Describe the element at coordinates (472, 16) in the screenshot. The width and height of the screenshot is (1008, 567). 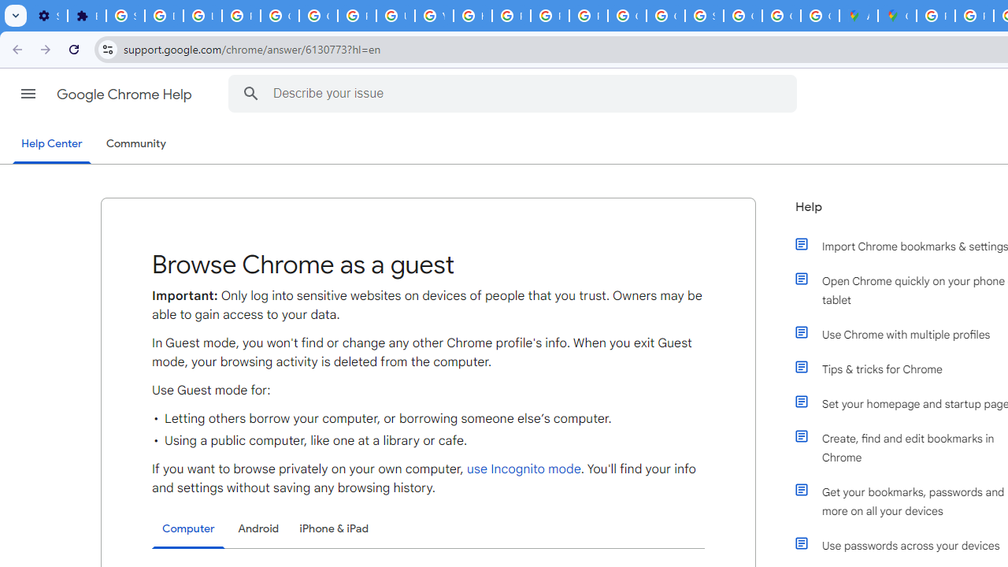
I see `'https://scholar.google.com/'` at that location.